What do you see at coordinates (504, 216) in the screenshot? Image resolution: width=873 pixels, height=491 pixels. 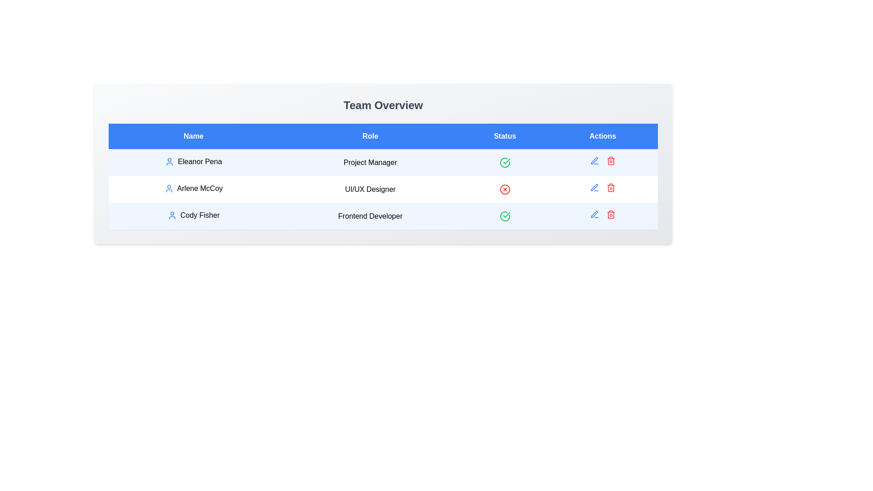 I see `the confirmatory green status icon for the 'Cody Fisher - Frontend Developer' entry in the 'Status' column` at bounding box center [504, 216].